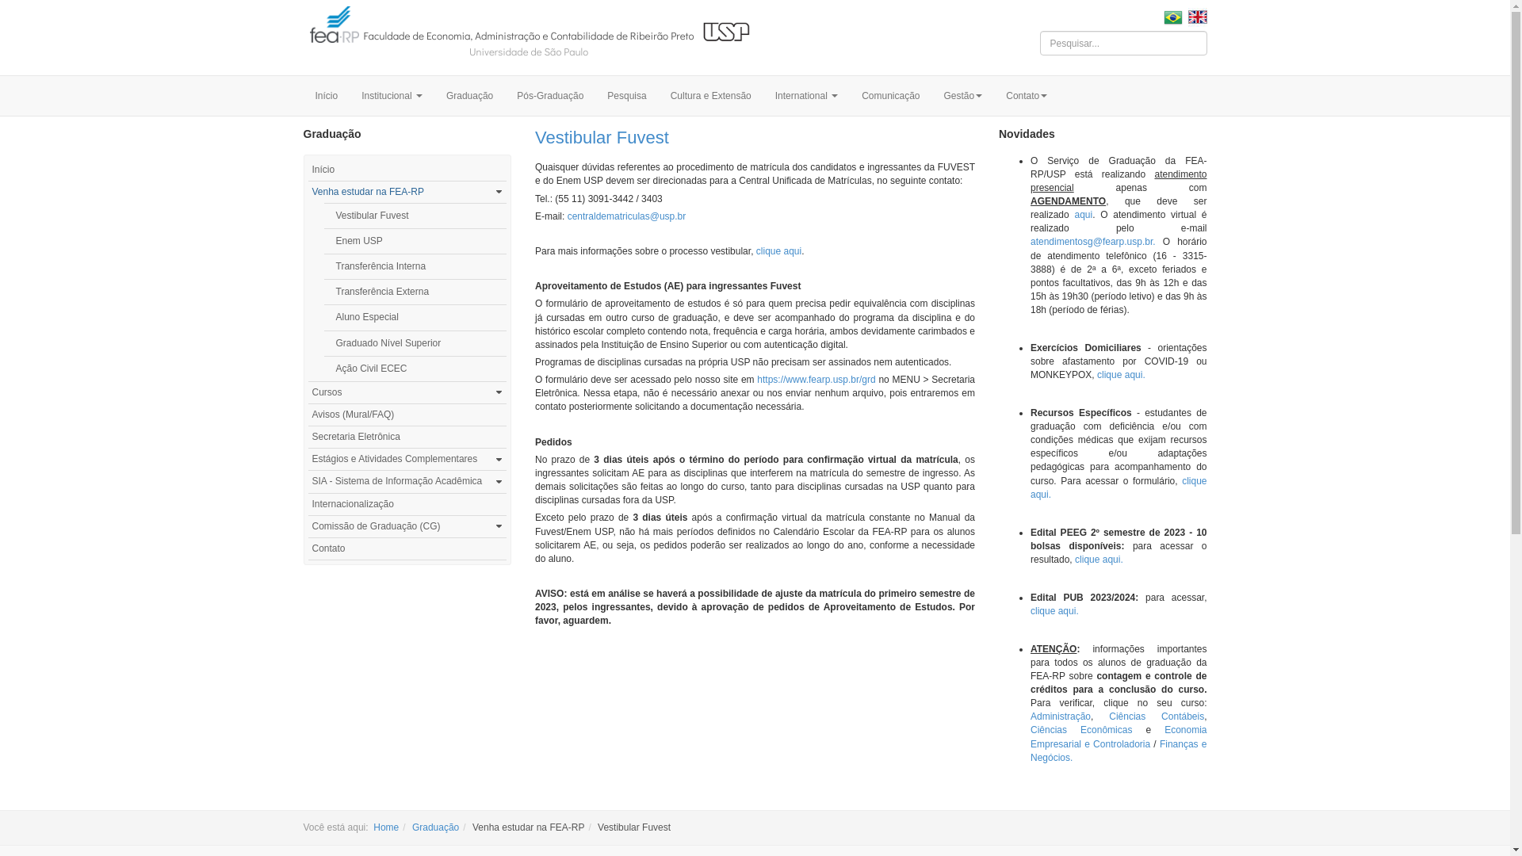  What do you see at coordinates (415, 317) in the screenshot?
I see `'Aluno Especial'` at bounding box center [415, 317].